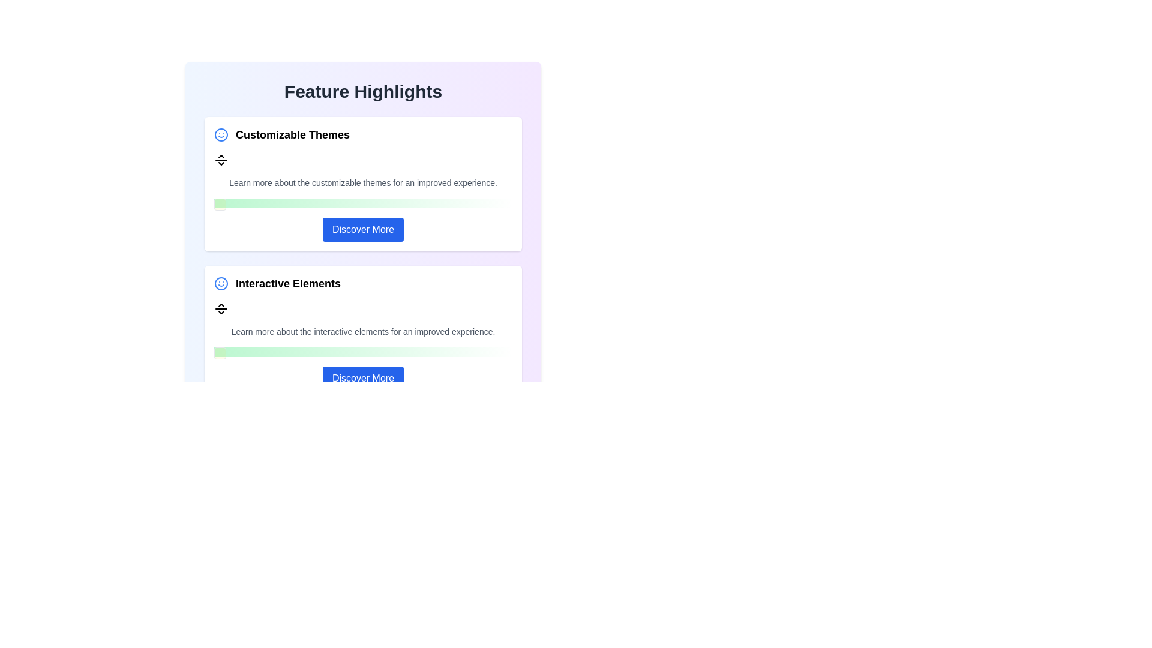  Describe the element at coordinates (288, 284) in the screenshot. I see `the 'Interactive Elements' text label which is bold and prominently styled, located in the second card of the feature highlights list, to the right of a smiley face icon` at that location.